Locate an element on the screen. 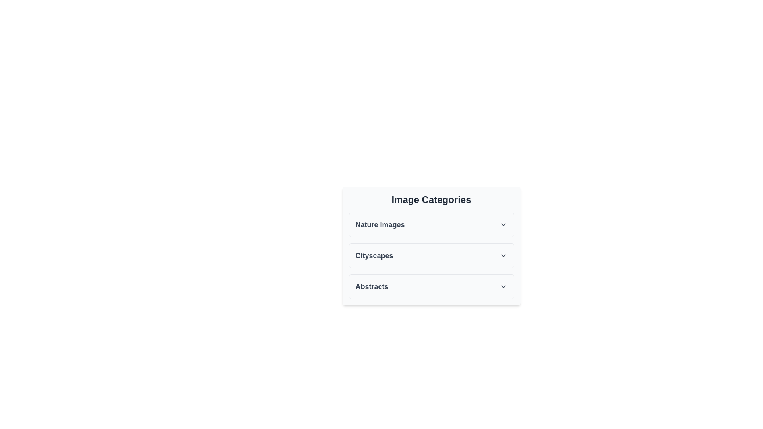 This screenshot has width=763, height=429. the title of the component labeled 'Image Categories' is located at coordinates (431, 199).